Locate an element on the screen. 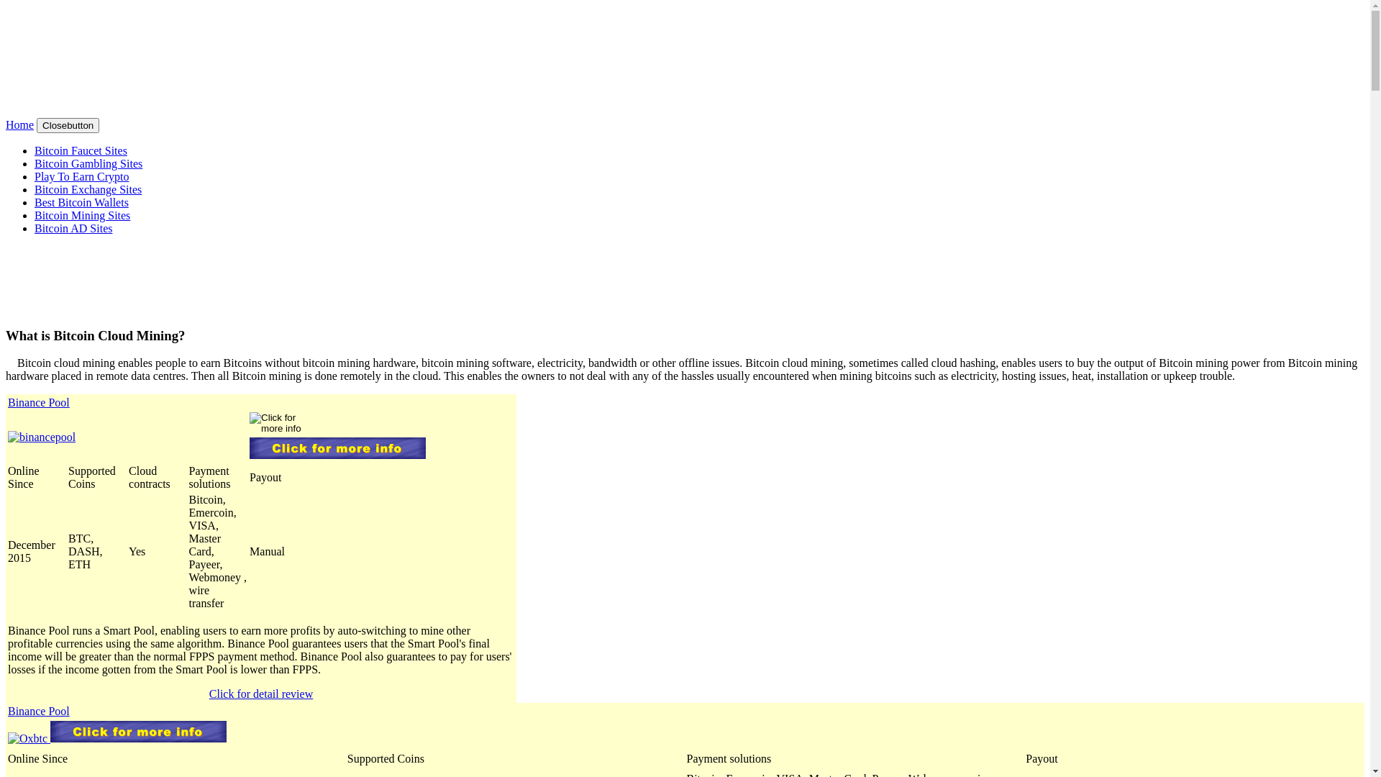 The width and height of the screenshot is (1381, 777). 'Bitcoin Faucet Sites' is located at coordinates (80, 150).